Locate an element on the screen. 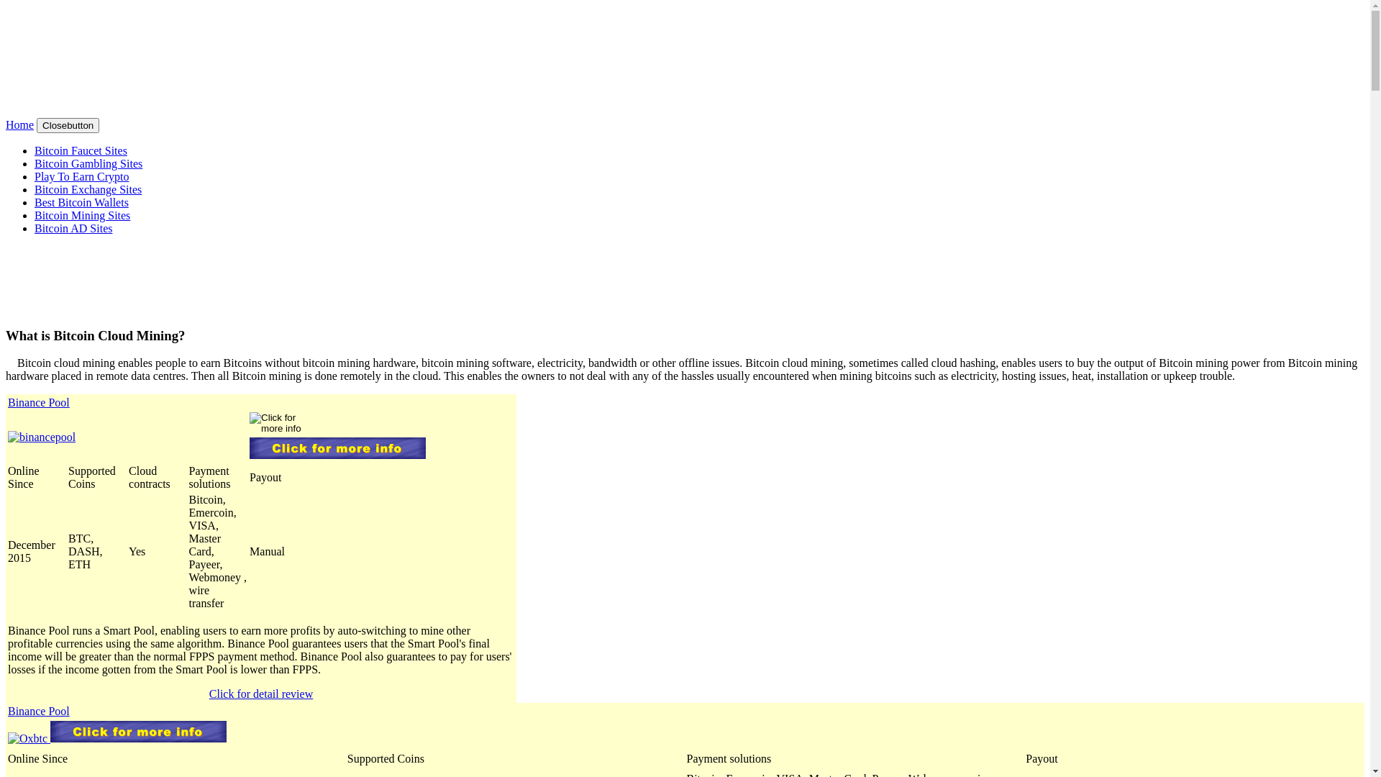 The width and height of the screenshot is (1381, 777). 'Bitcoin Faucet Sites' is located at coordinates (80, 150).